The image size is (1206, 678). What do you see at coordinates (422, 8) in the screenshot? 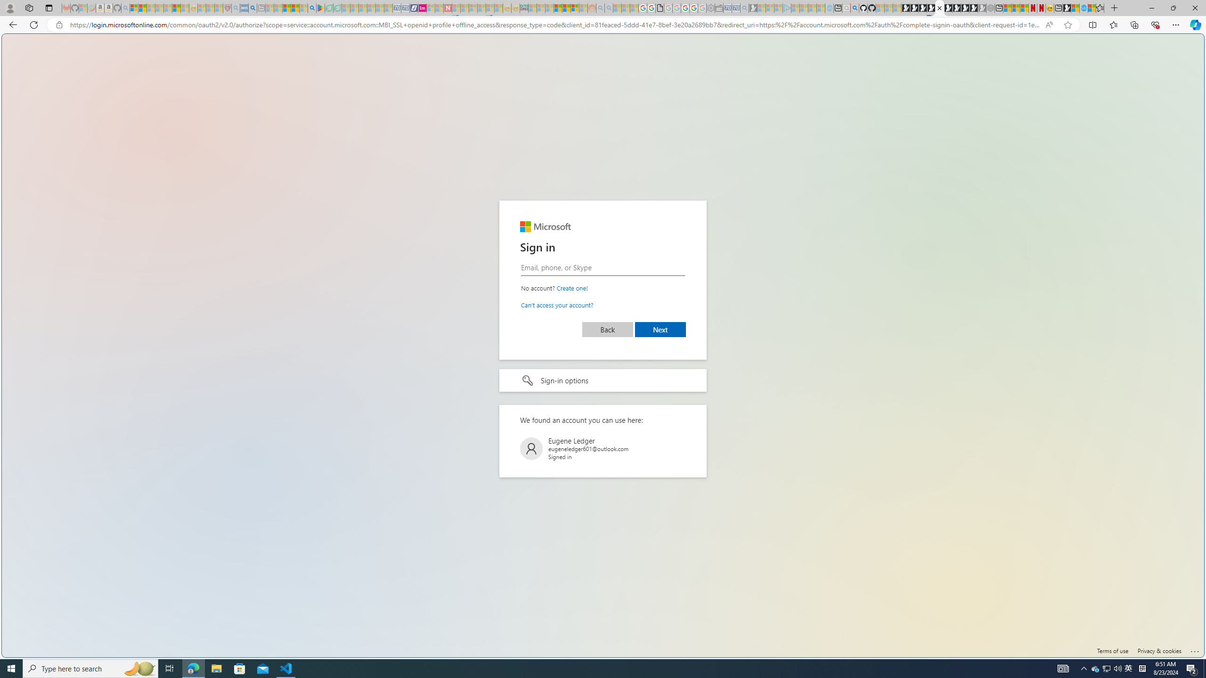
I see `'Jobs - lastminute.com Investor Portal'` at bounding box center [422, 8].